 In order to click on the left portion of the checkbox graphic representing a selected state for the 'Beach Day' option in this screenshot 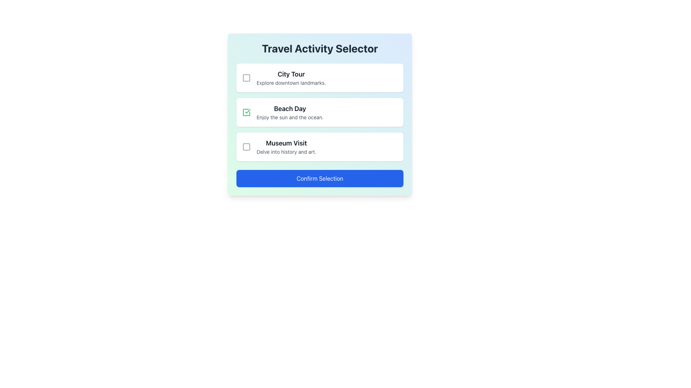, I will do `click(247, 112)`.